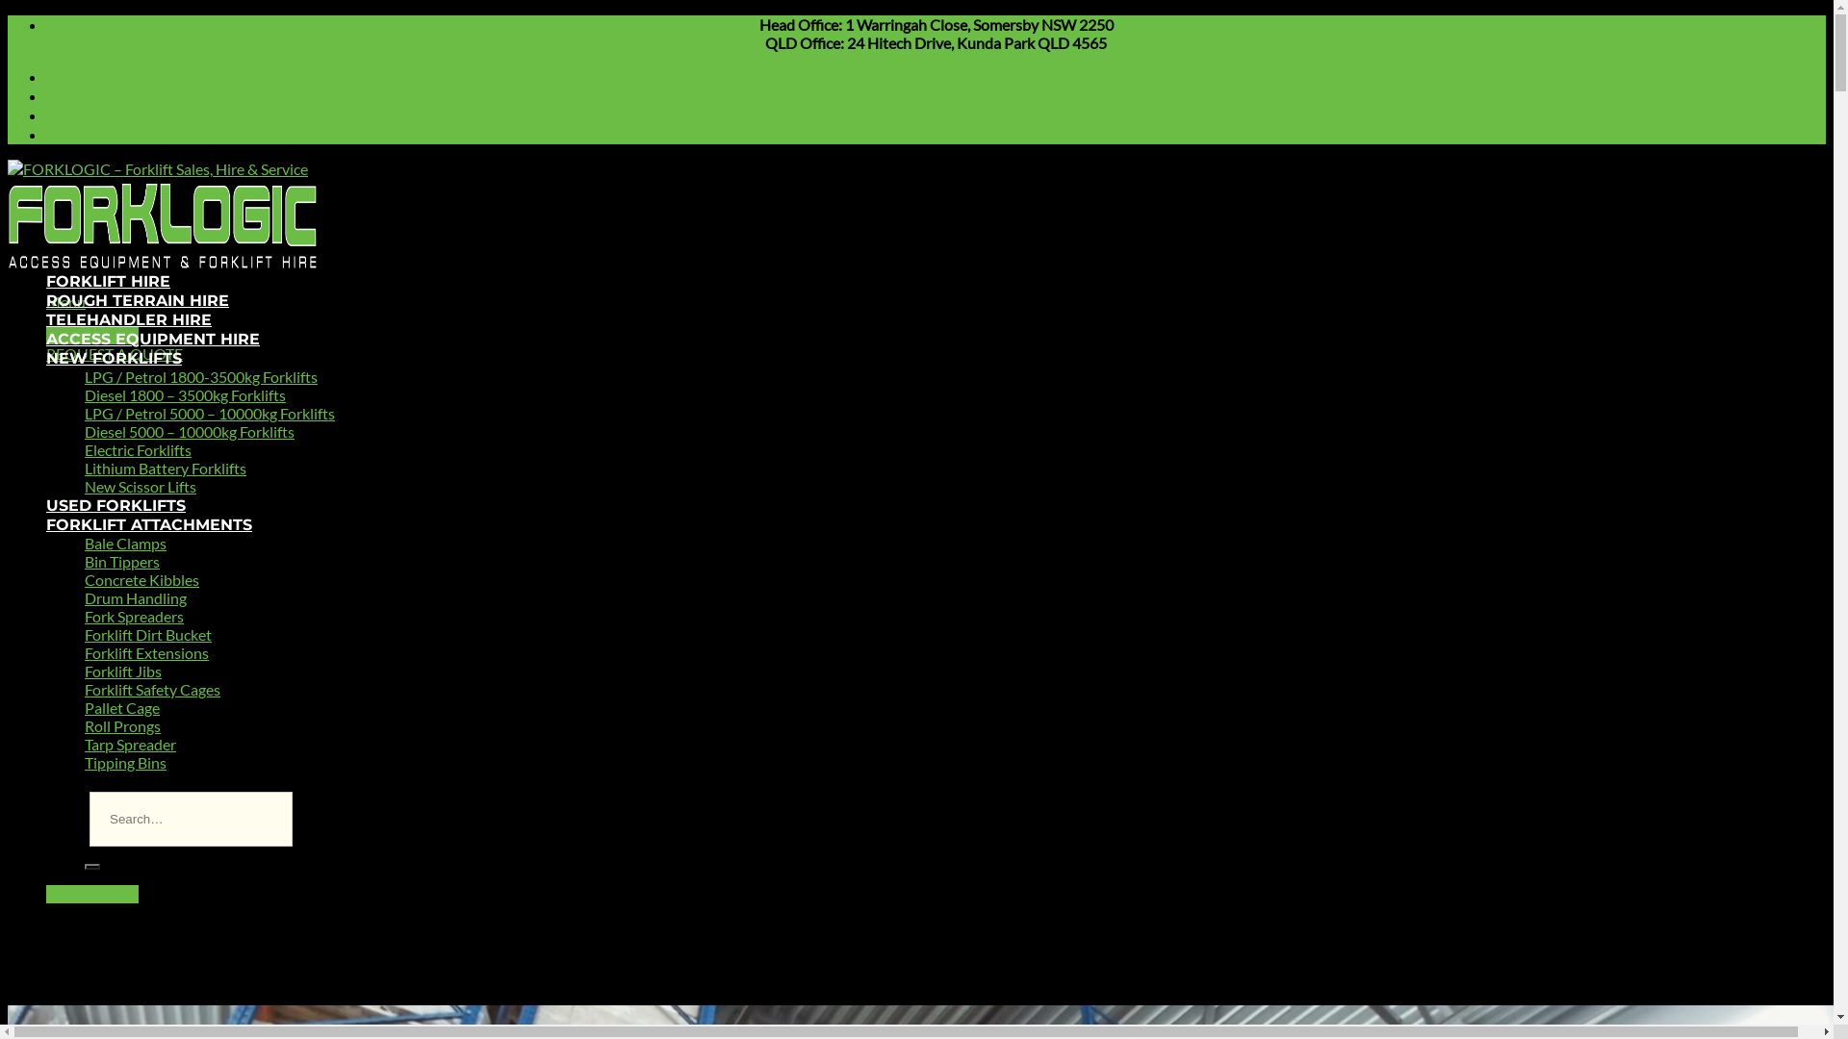 Image resolution: width=1848 pixels, height=1039 pixels. Describe the element at coordinates (139, 485) in the screenshot. I see `'New Scissor Lifts'` at that location.